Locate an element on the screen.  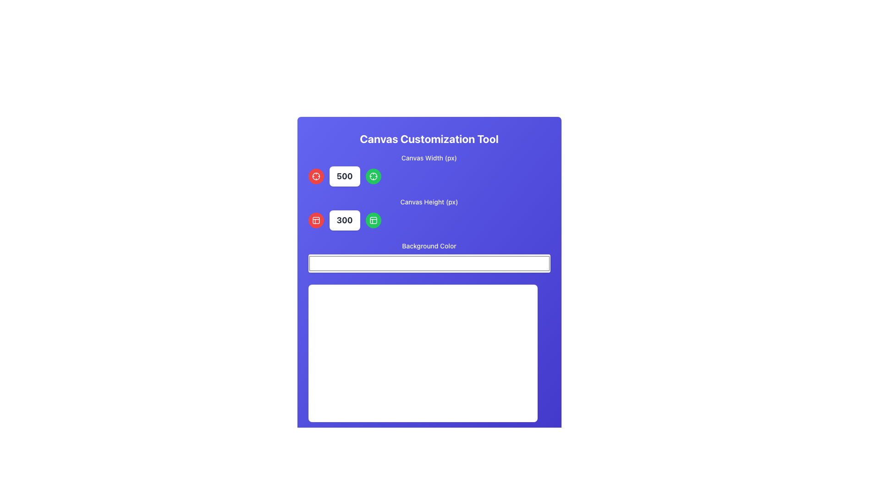
the button on the left side of the Canvas Height section to decrement the height value is located at coordinates (316, 220).